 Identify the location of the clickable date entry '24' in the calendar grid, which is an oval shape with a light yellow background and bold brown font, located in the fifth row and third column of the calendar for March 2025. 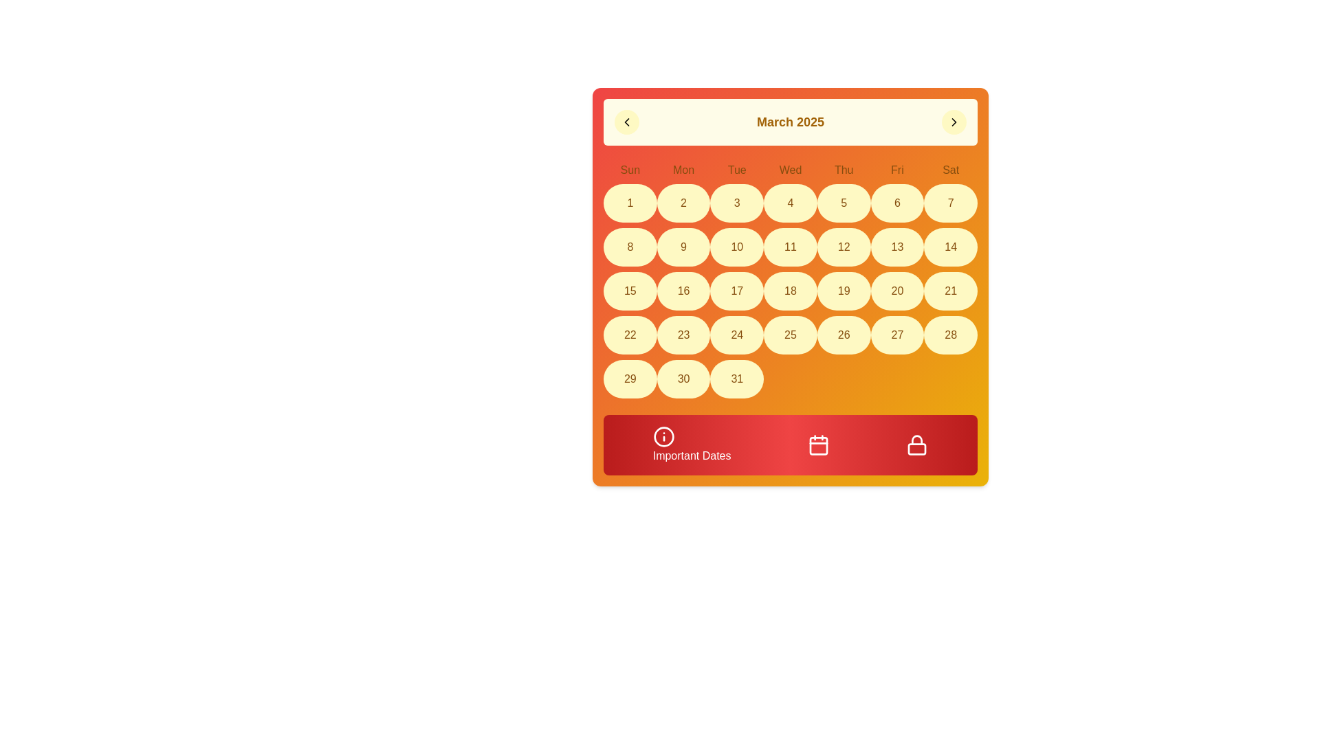
(736, 335).